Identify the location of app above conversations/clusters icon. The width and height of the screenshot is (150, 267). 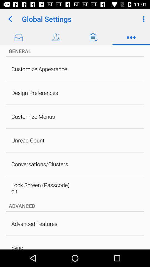
(27, 140).